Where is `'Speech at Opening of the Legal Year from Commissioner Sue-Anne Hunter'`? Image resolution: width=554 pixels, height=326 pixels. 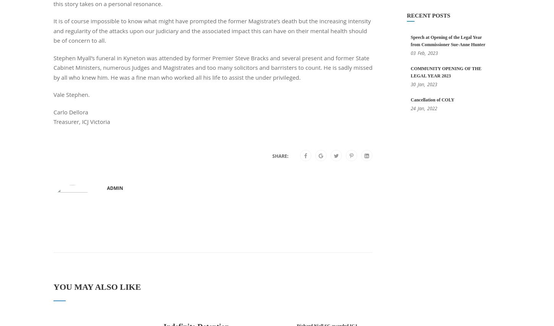 'Speech at Opening of the Legal Year from Commissioner Sue-Anne Hunter' is located at coordinates (447, 40).